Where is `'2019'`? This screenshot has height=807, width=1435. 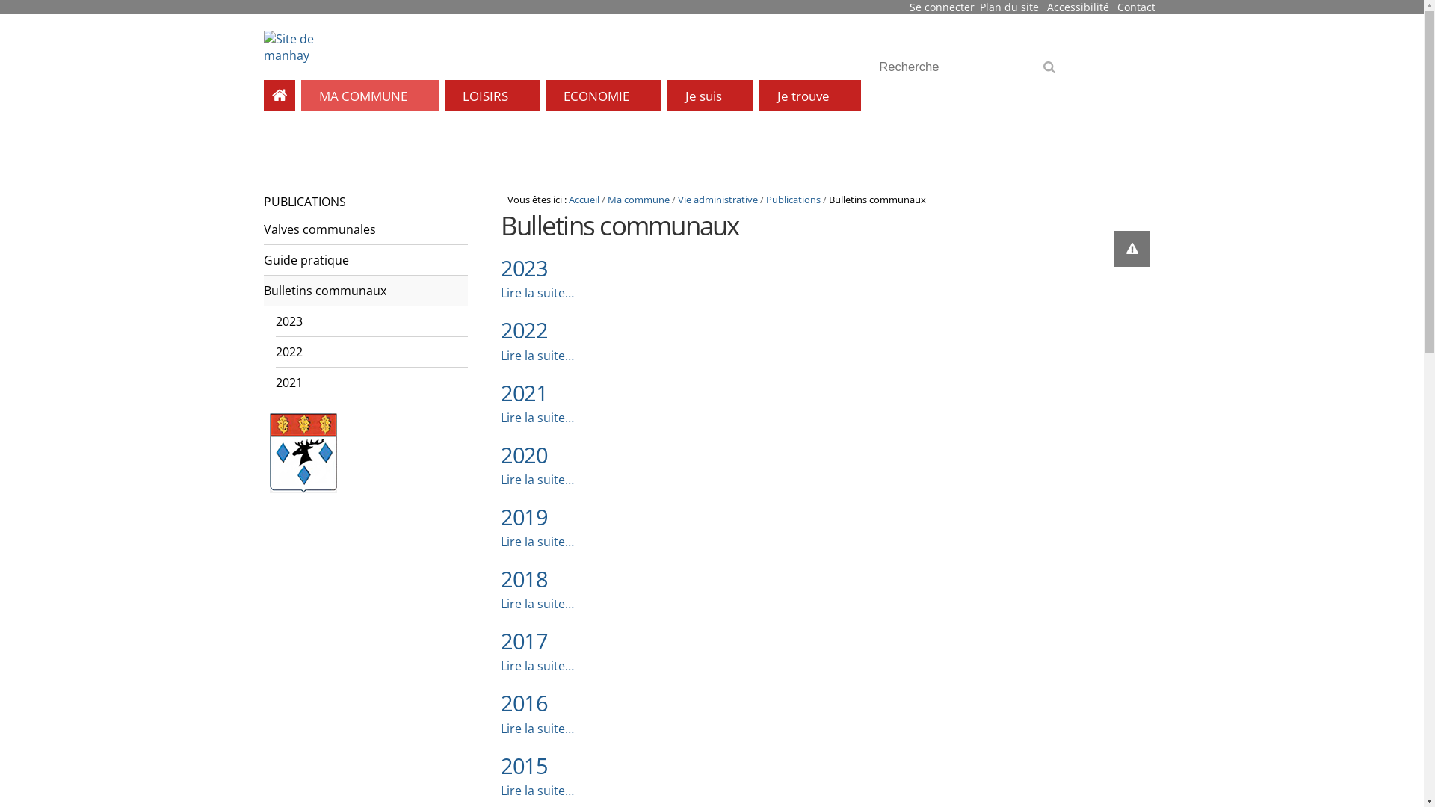
'2019' is located at coordinates (501, 516).